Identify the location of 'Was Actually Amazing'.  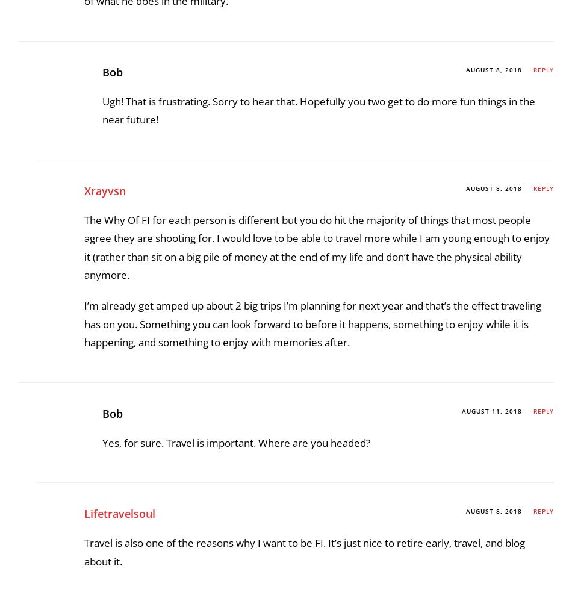
(141, 13).